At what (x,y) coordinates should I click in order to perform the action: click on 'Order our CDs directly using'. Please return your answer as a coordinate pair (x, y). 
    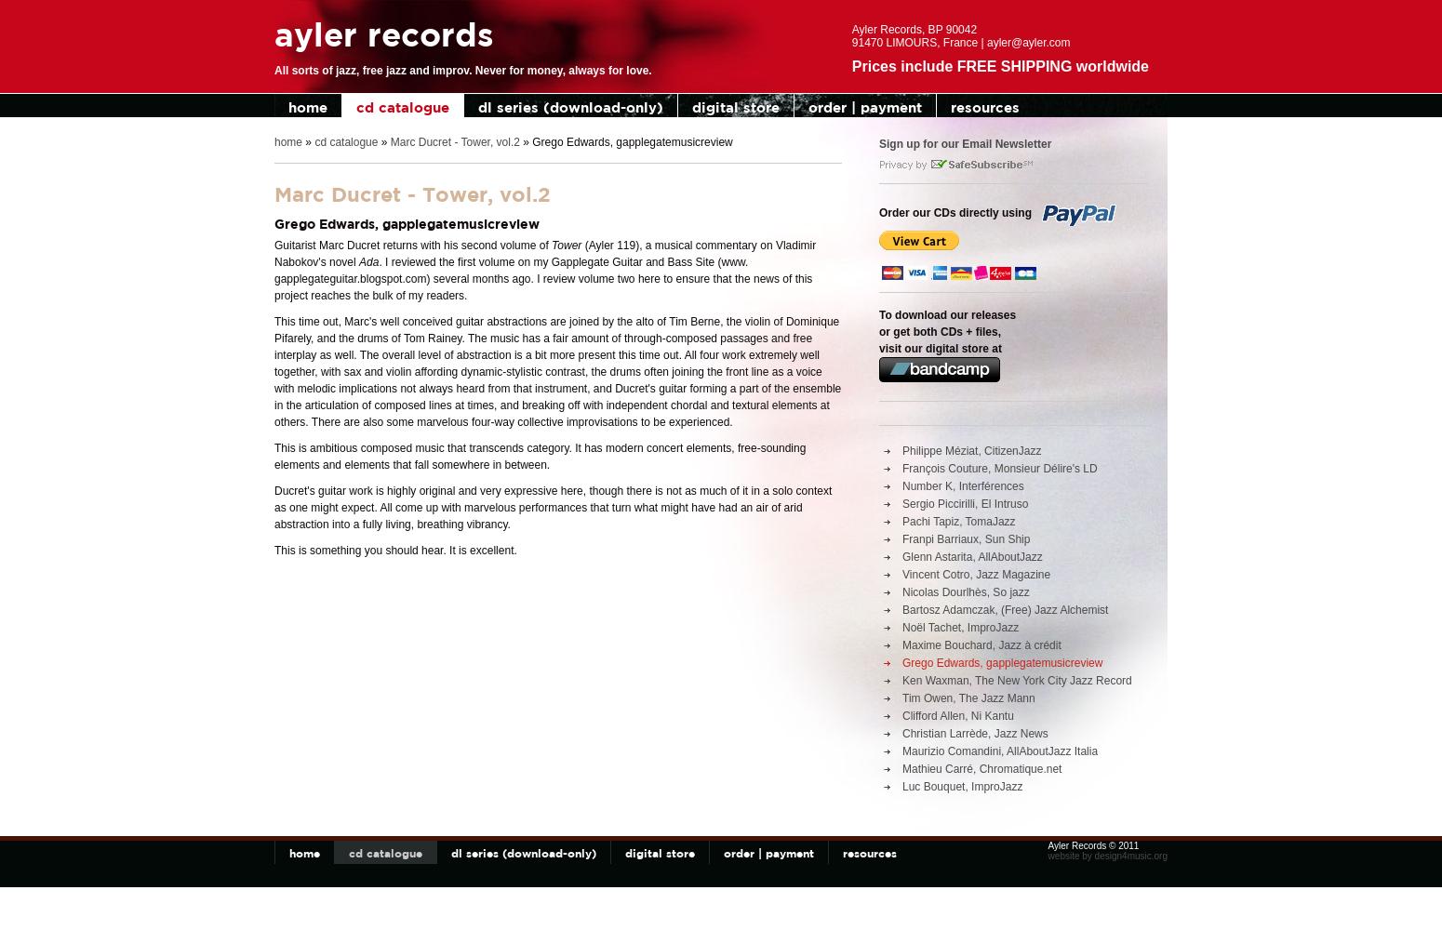
    Looking at the image, I should click on (955, 212).